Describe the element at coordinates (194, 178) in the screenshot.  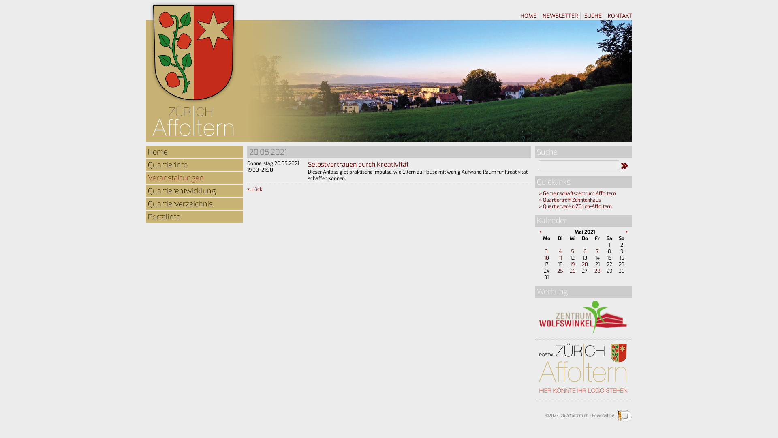
I see `'Veranstaltungen'` at that location.